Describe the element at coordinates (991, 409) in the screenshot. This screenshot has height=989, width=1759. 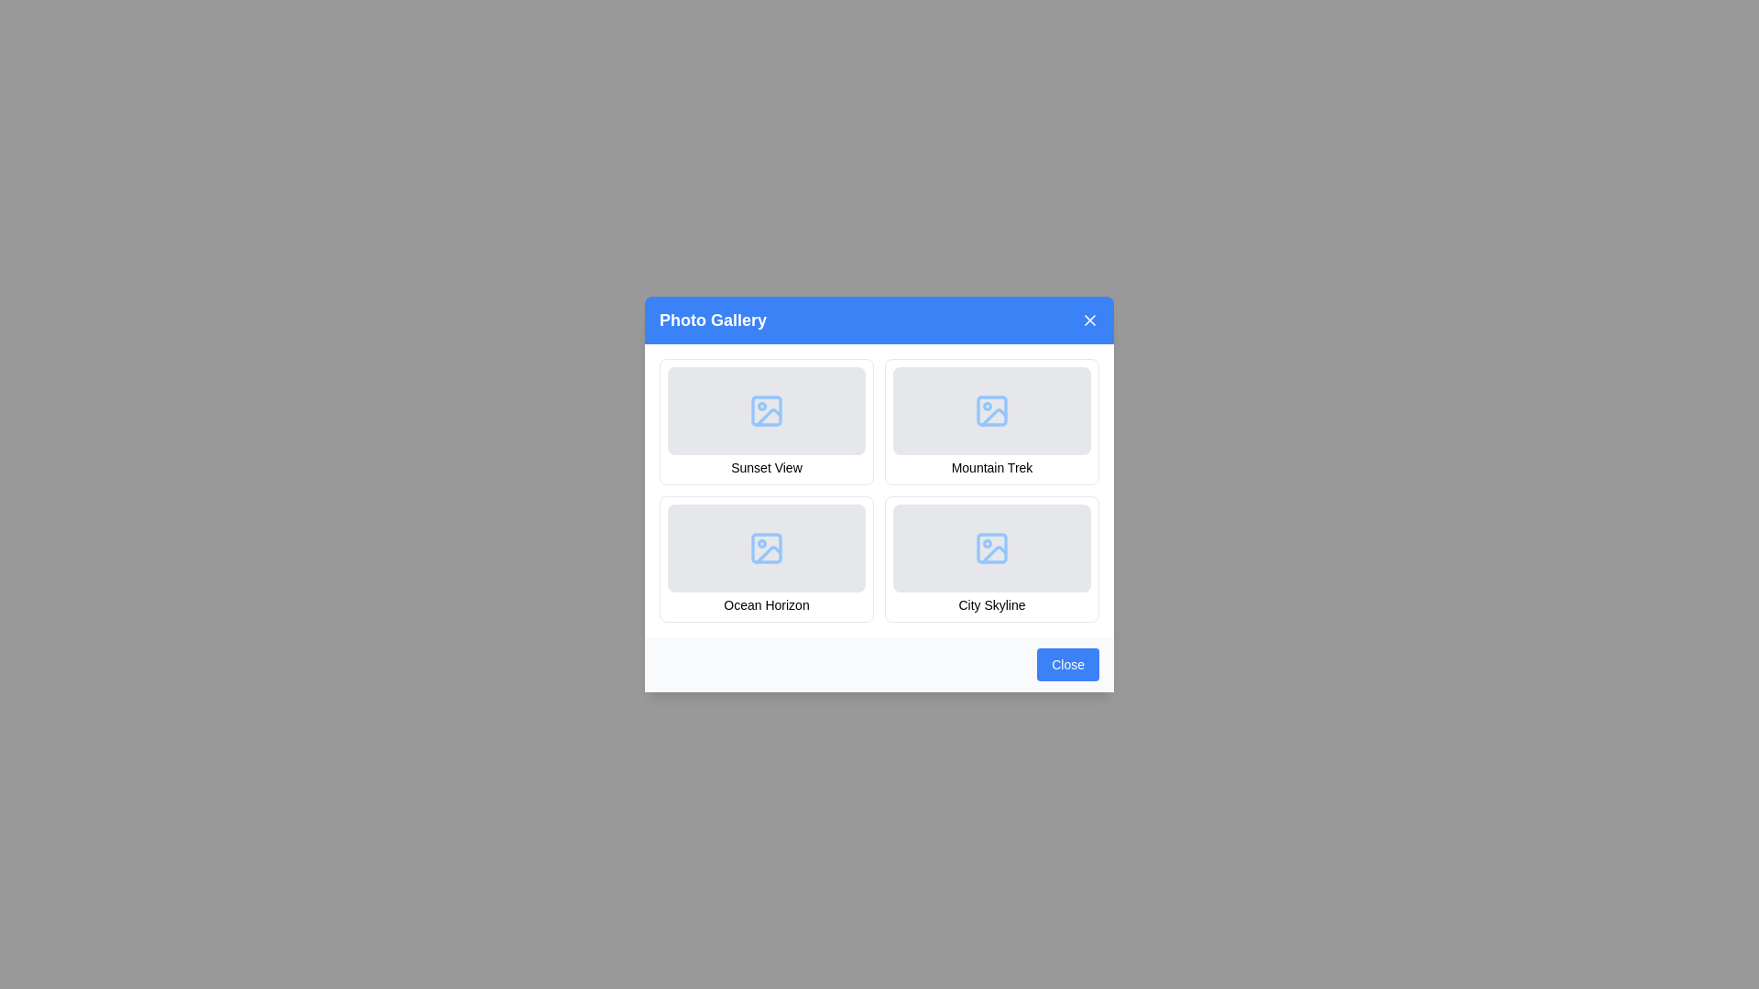
I see `the icon representing an image, which is stylized with a light blue outline and contains a circular detail and a triangular shape inside a rectangle, located in the top-right card labeled 'Mountain Trek' within the 'Photo Gallery' popup` at that location.